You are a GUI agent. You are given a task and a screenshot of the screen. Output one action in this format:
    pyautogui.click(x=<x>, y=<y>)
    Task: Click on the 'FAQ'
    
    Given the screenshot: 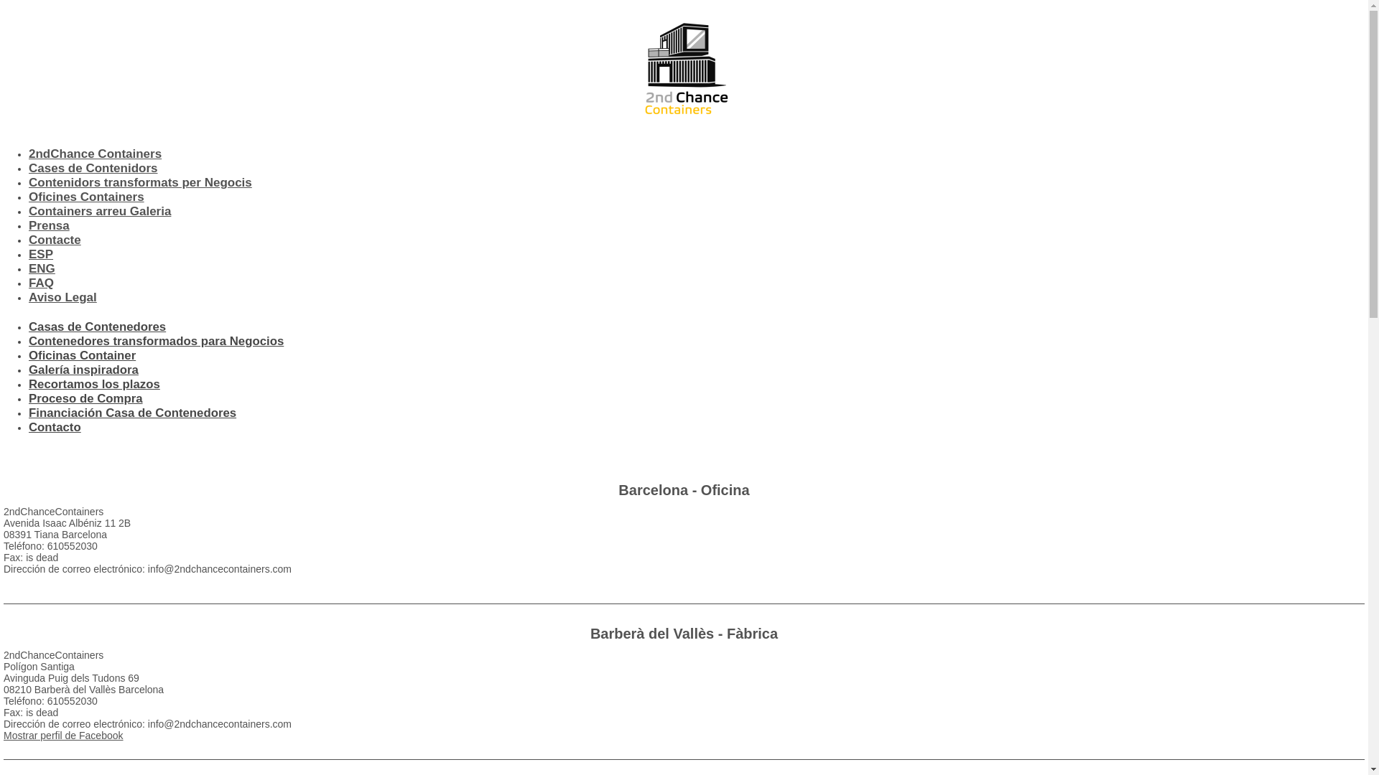 What is the action you would take?
    pyautogui.click(x=41, y=283)
    